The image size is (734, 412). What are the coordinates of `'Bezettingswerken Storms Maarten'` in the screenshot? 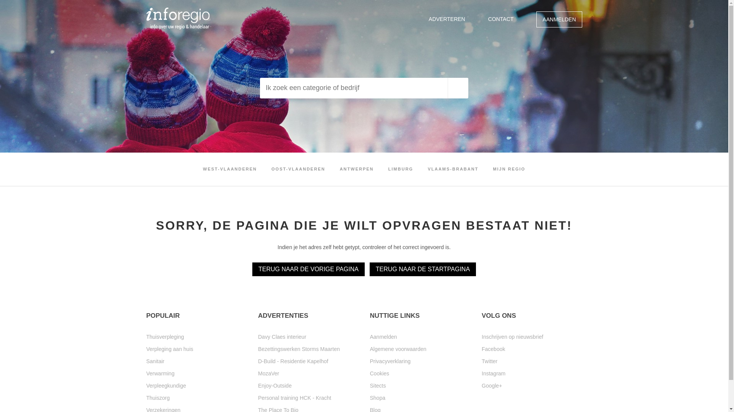 It's located at (308, 349).